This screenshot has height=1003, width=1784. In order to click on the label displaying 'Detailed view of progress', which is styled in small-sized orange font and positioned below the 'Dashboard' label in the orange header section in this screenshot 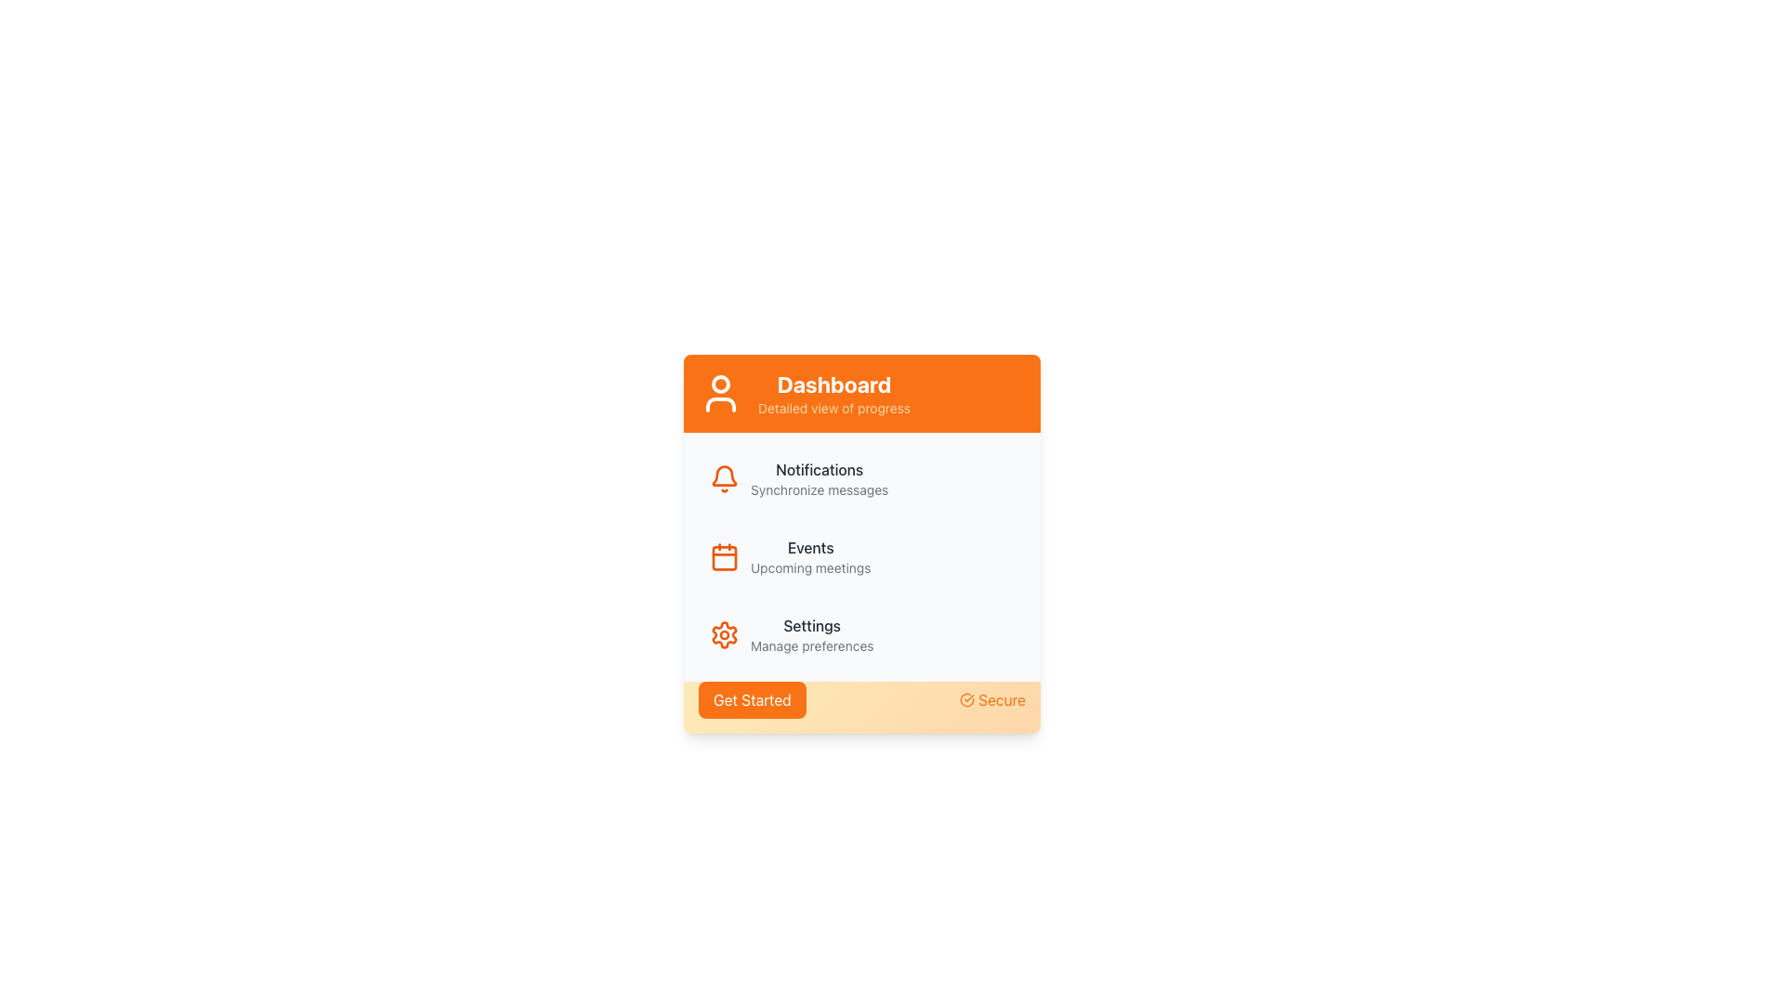, I will do `click(833, 407)`.